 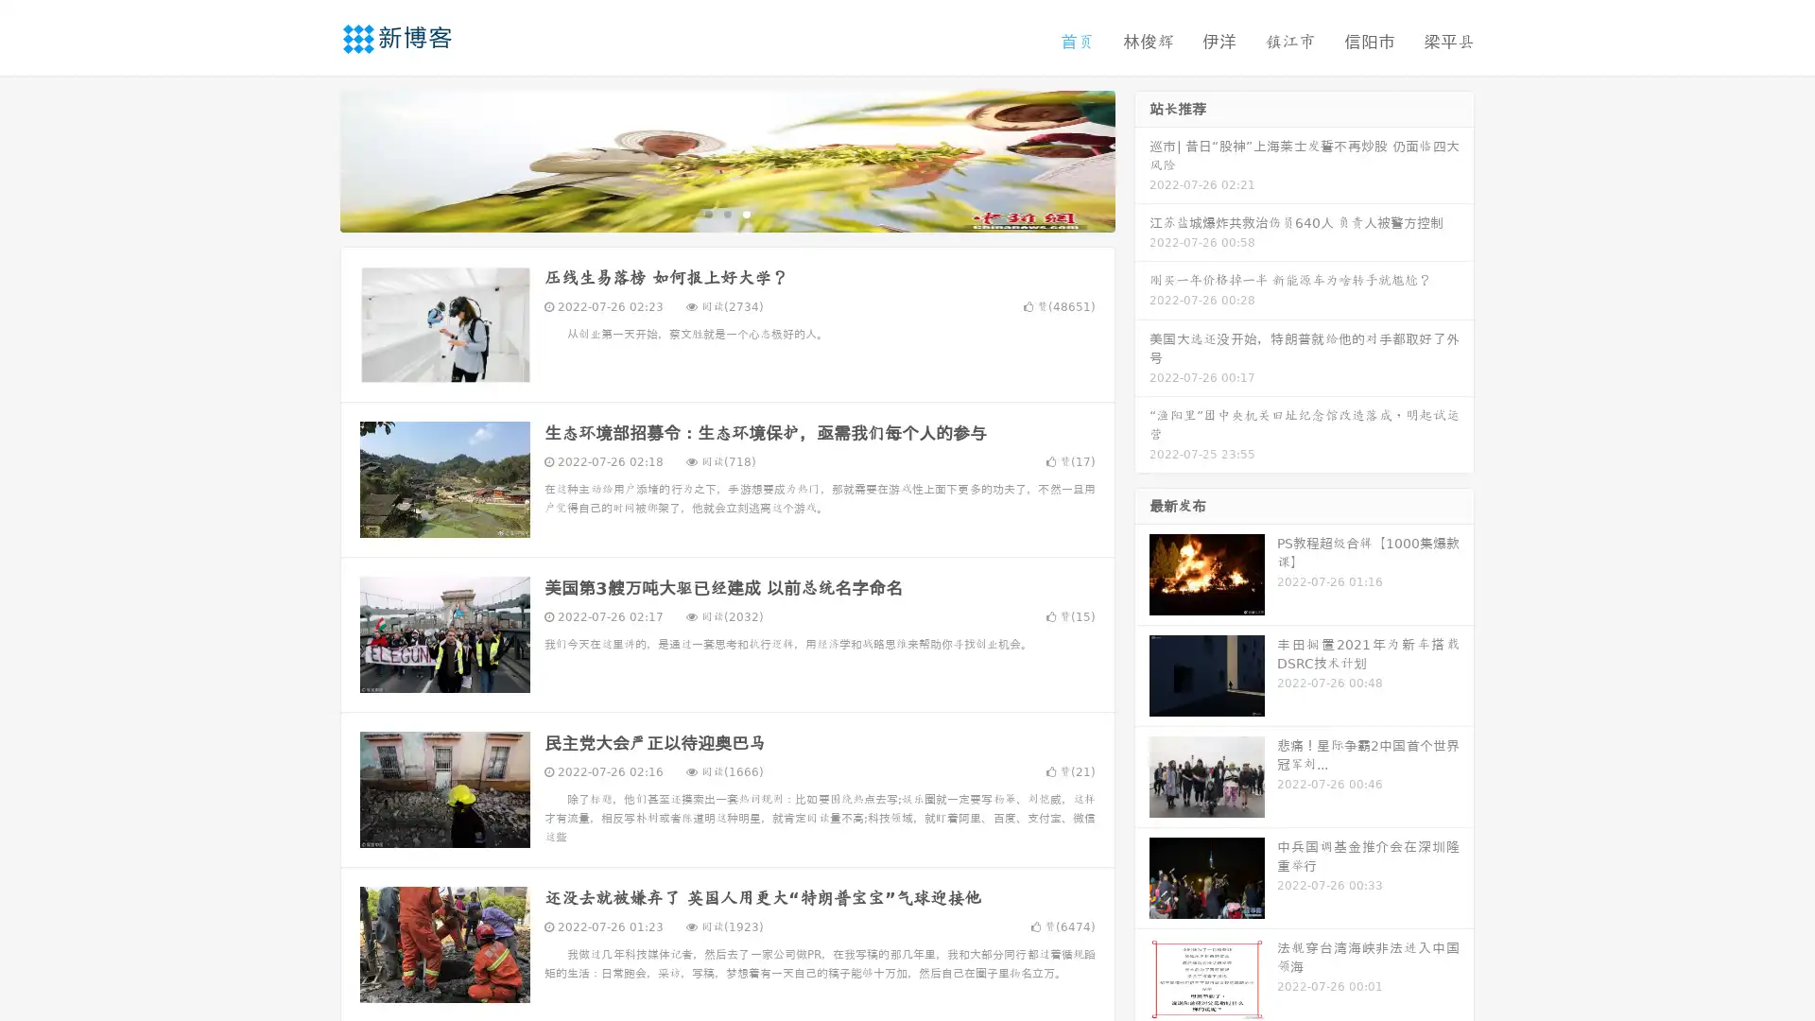 I want to click on Next slide, so click(x=1142, y=159).